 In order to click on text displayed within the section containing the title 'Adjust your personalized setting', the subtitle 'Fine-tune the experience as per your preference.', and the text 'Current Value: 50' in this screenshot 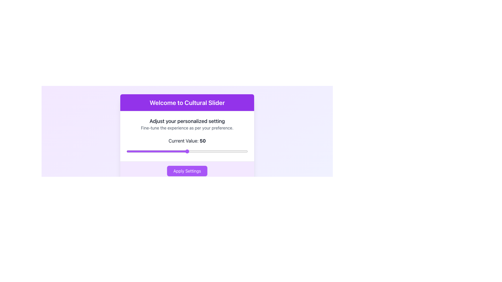, I will do `click(187, 136)`.